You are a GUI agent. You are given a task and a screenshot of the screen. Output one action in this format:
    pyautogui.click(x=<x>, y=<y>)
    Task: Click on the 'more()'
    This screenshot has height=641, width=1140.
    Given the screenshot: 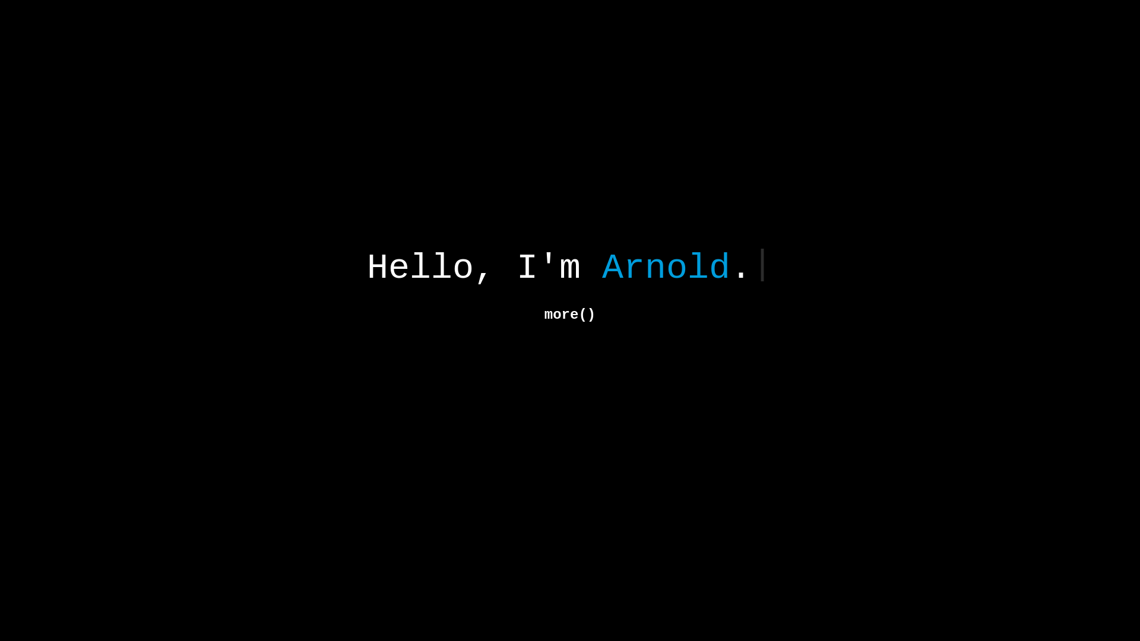 What is the action you would take?
    pyautogui.click(x=570, y=315)
    